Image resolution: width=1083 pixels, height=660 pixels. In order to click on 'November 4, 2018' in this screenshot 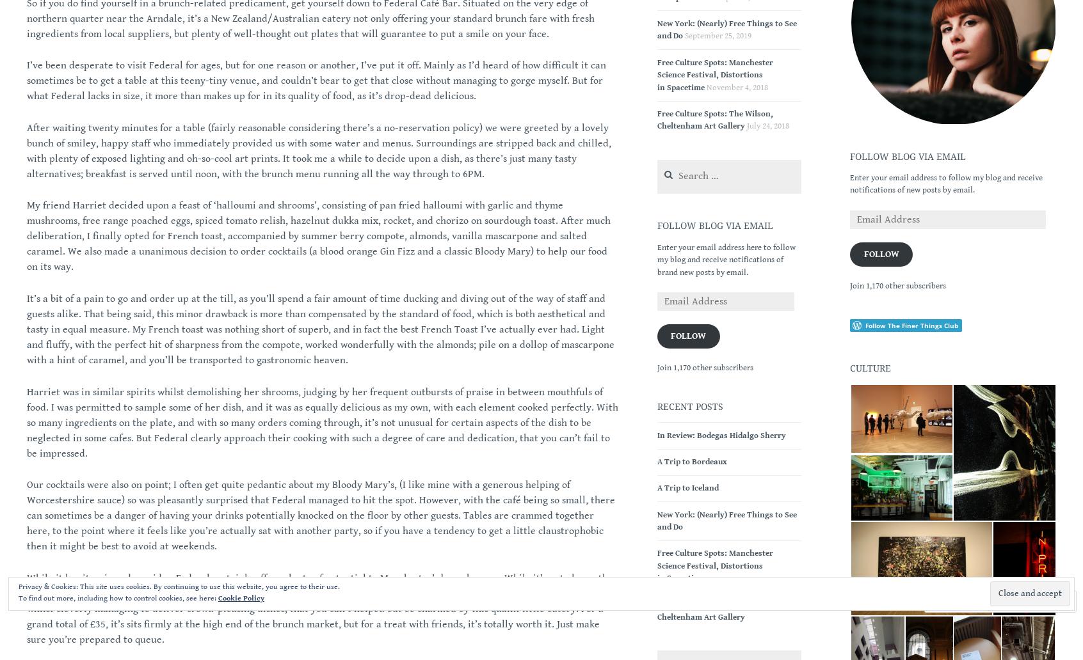, I will do `click(736, 86)`.